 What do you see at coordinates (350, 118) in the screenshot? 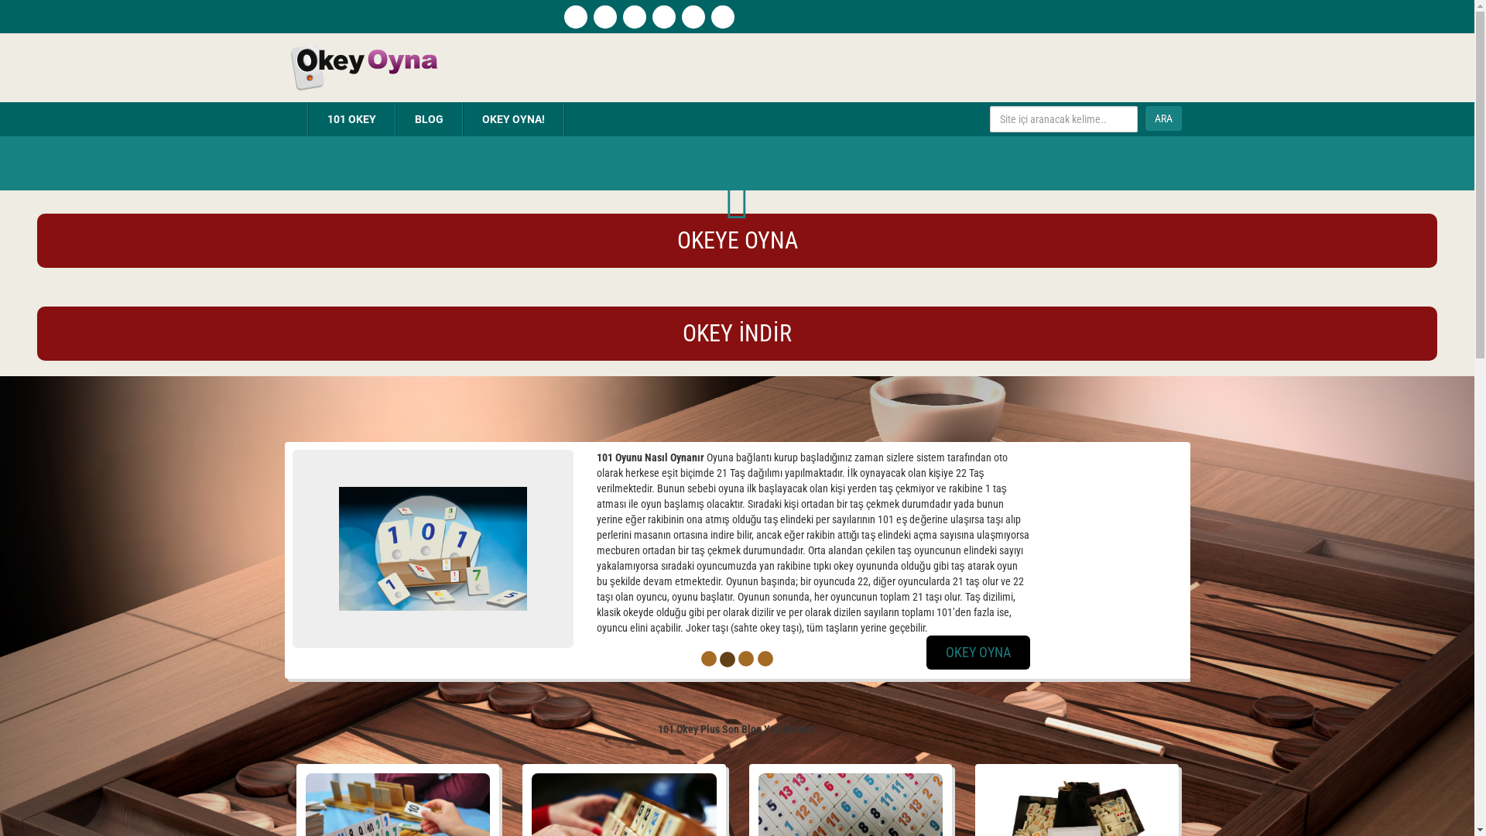
I see `'101 OKEY'` at bounding box center [350, 118].